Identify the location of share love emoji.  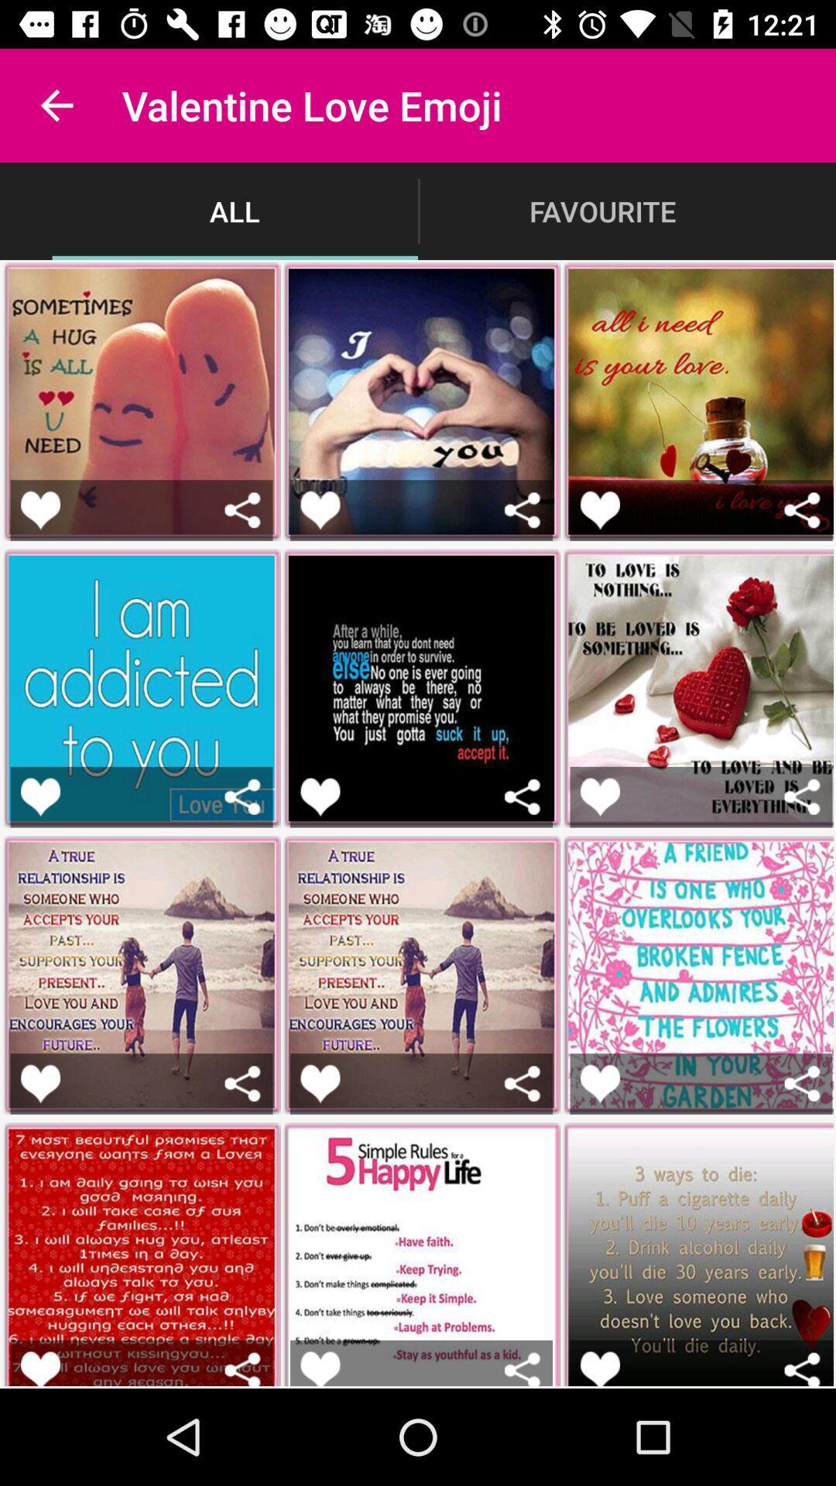
(242, 796).